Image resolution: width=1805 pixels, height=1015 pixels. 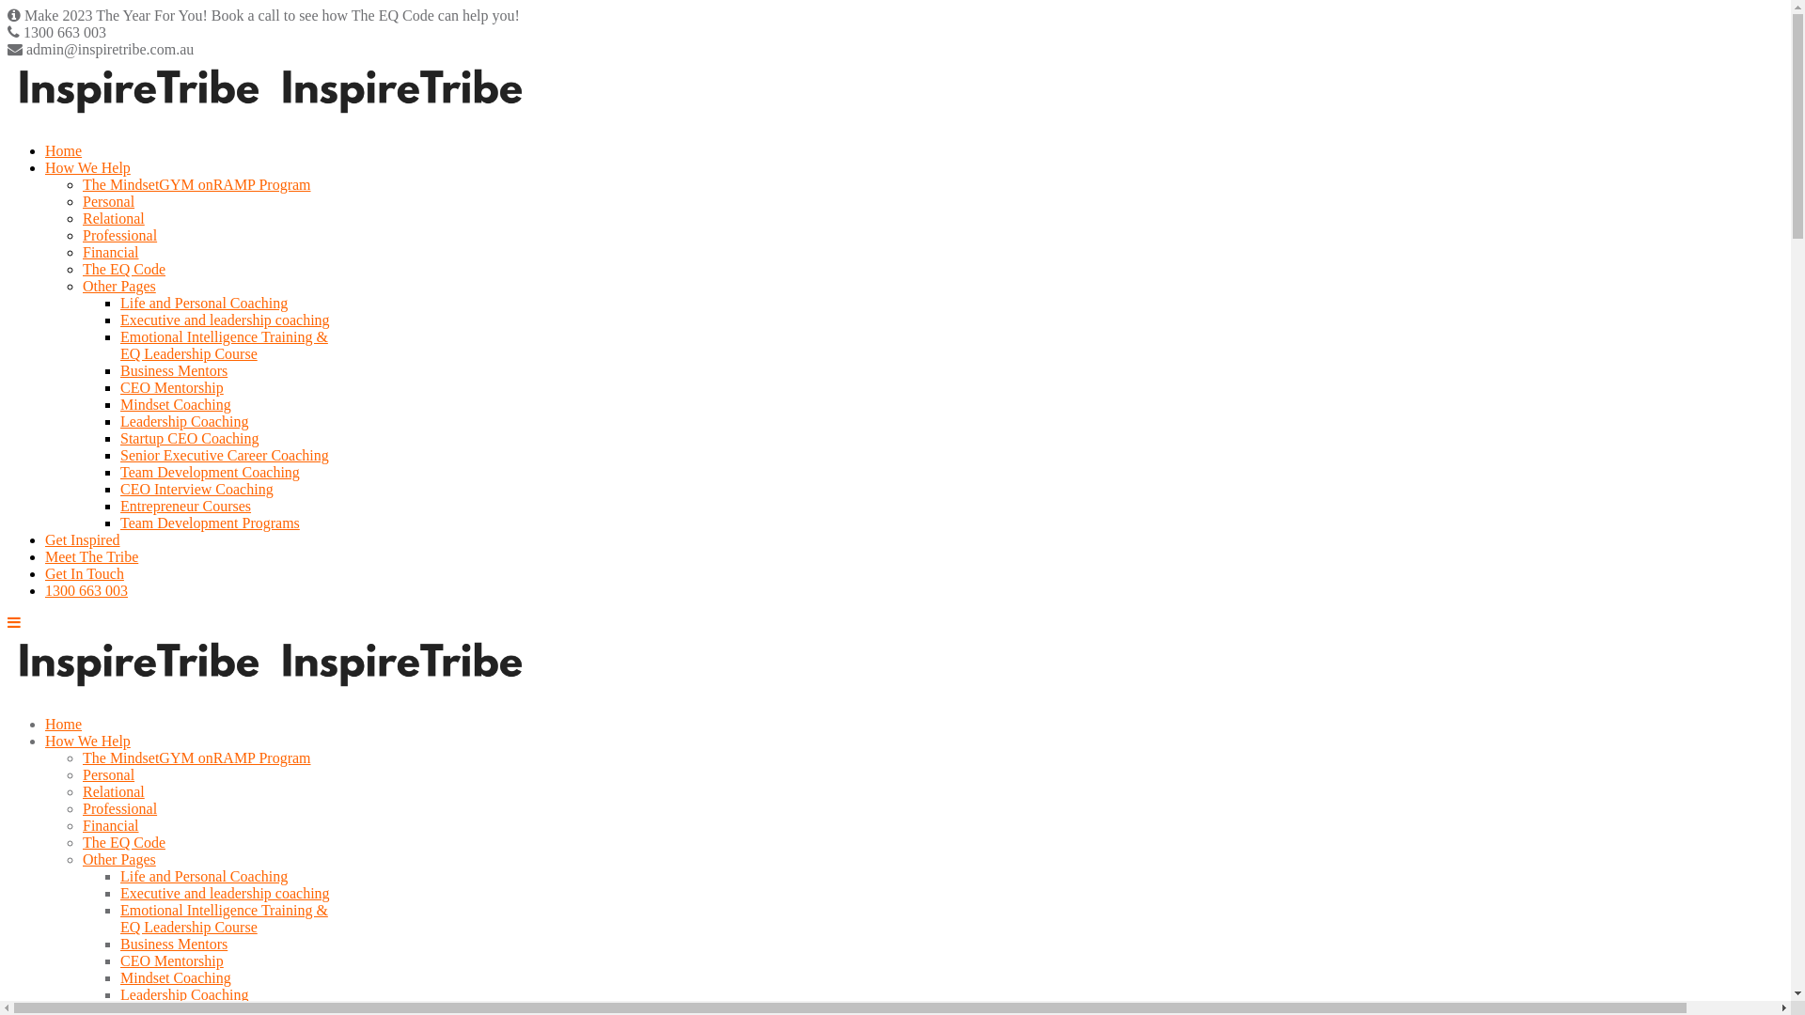 I want to click on 'The MindsetGYM onRAMP Program', so click(x=196, y=184).